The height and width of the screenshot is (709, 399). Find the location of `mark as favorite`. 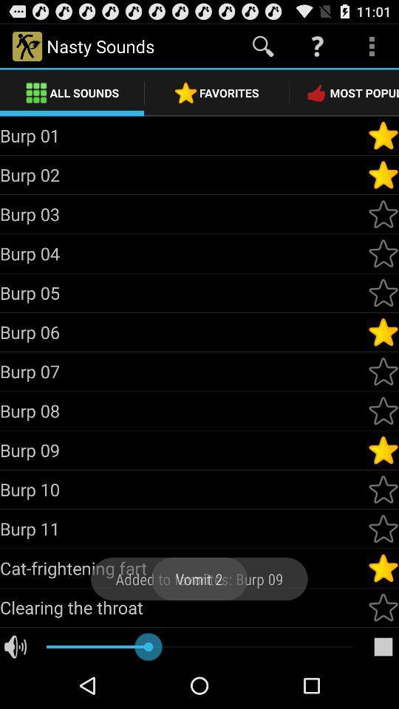

mark as favorite is located at coordinates (383, 175).